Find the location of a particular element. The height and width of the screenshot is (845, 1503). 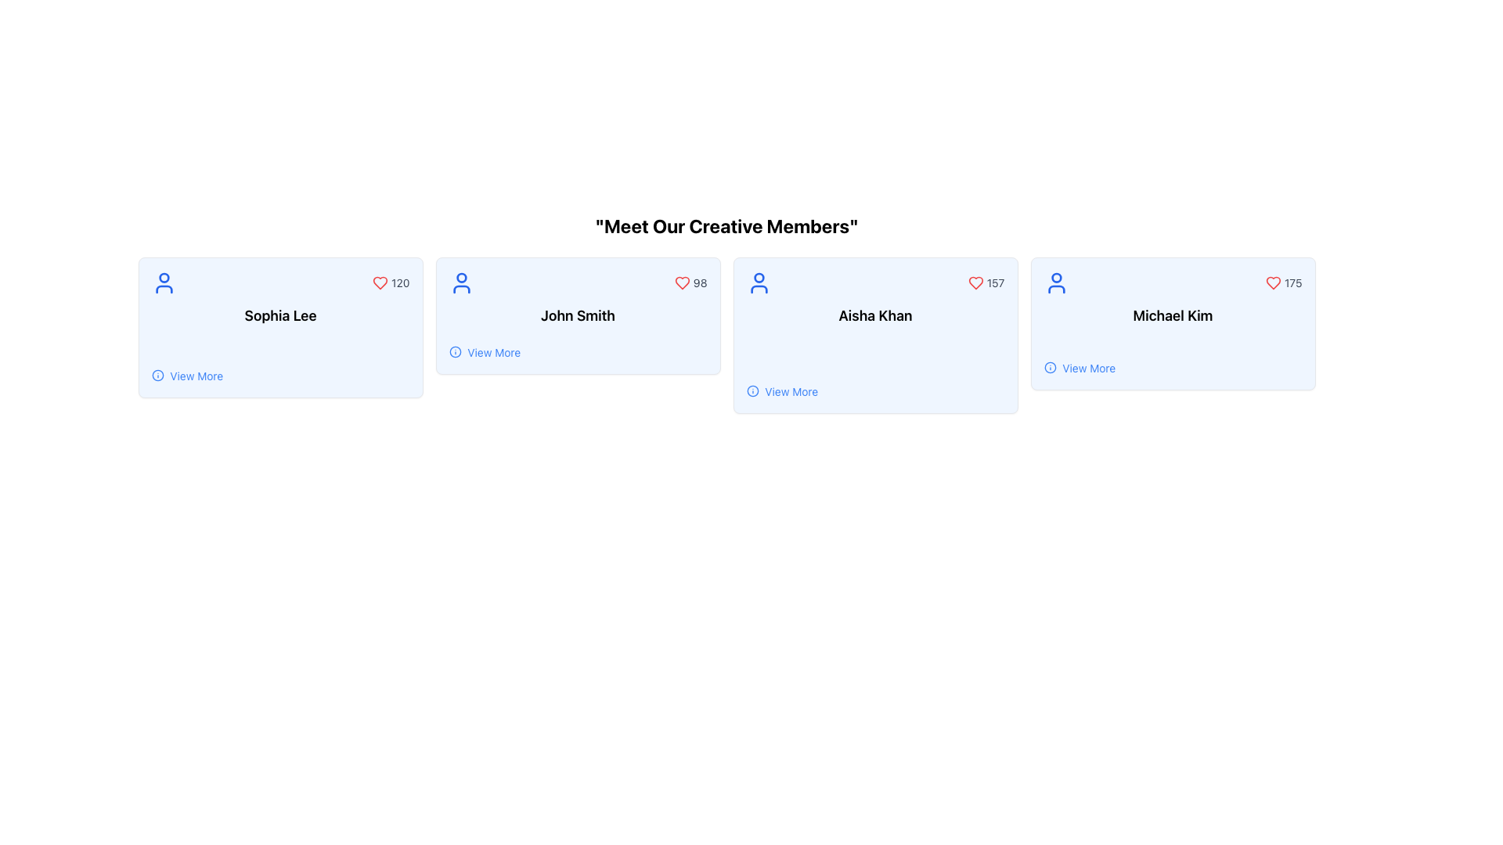

the likes counter text located in the third card from the left under the title 'Aisha Khan', positioned towards the top-right corner adjacent to a red heart-shaped icon is located at coordinates (995, 283).